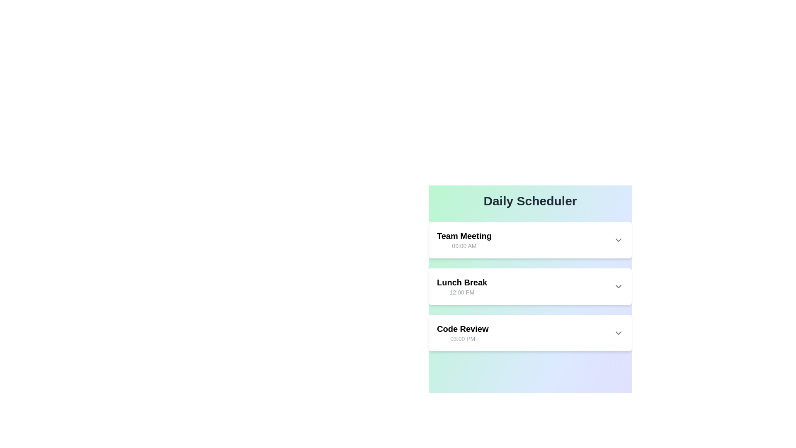 The width and height of the screenshot is (796, 448). What do you see at coordinates (462, 329) in the screenshot?
I see `the title text label for the event scheduled at 03:00 PM, located in the third collapsible section of the scheduler interface` at bounding box center [462, 329].